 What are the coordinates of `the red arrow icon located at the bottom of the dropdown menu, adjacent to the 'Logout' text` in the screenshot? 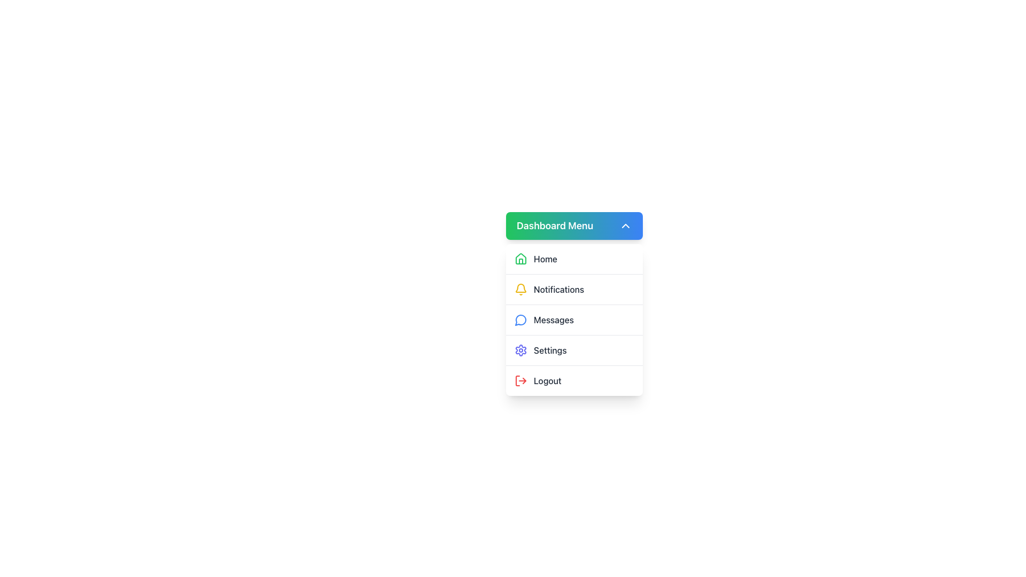 It's located at (520, 380).